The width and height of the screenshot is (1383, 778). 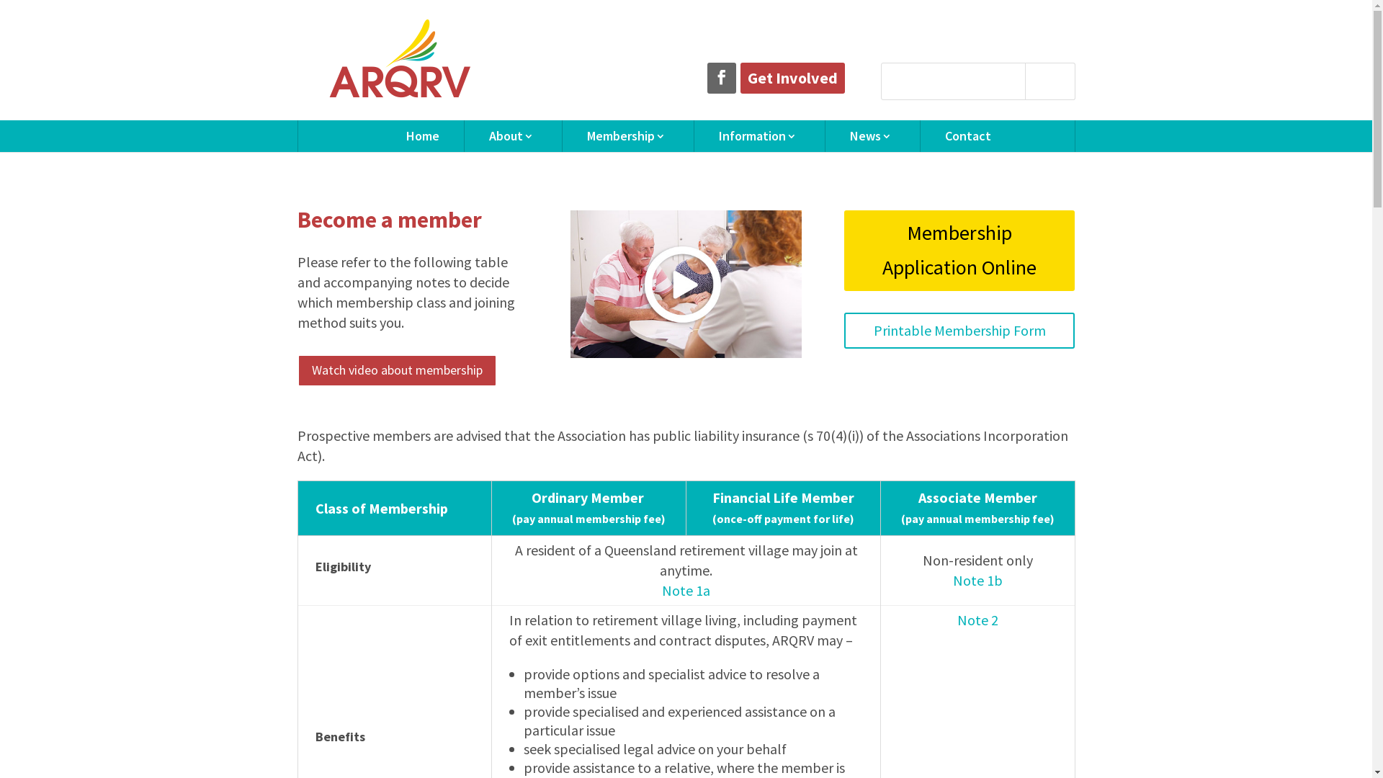 I want to click on 'Contact', so click(x=968, y=136).